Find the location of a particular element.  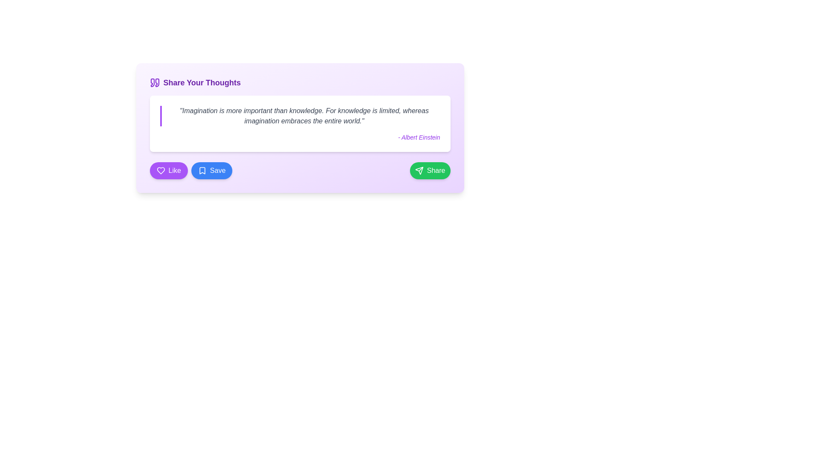

the icon located at the top-left corner of the card section with a purple background is located at coordinates (155, 82).